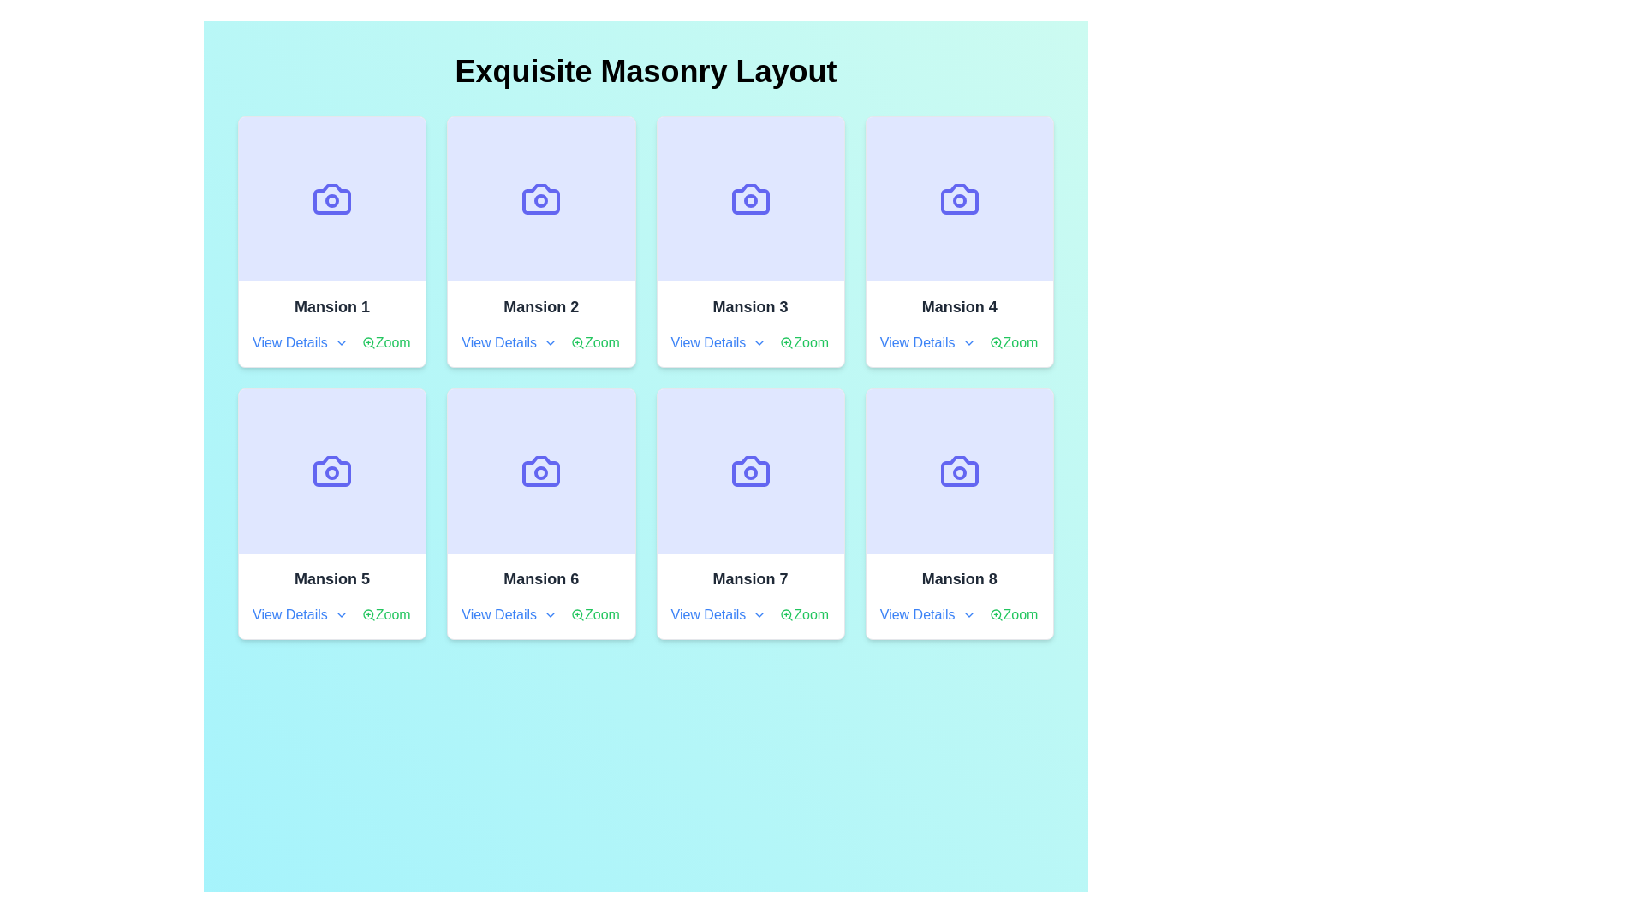 This screenshot has height=924, width=1644. Describe the element at coordinates (750, 198) in the screenshot. I see `the camera icon, which is a blue SVG graphic with a rectangular body and circular lens, located in the 'Mansion 3' card` at that location.